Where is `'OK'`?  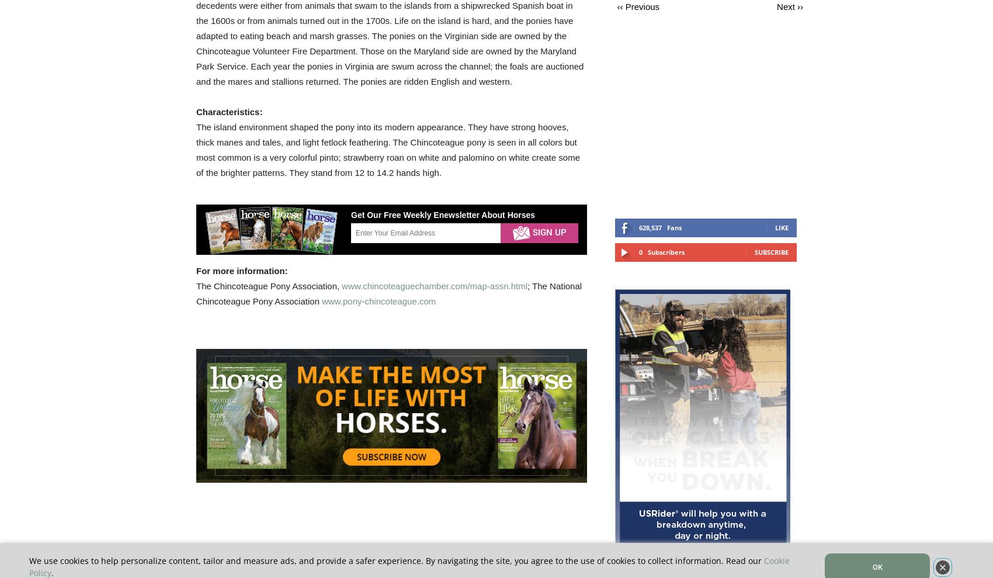 'OK' is located at coordinates (877, 567).